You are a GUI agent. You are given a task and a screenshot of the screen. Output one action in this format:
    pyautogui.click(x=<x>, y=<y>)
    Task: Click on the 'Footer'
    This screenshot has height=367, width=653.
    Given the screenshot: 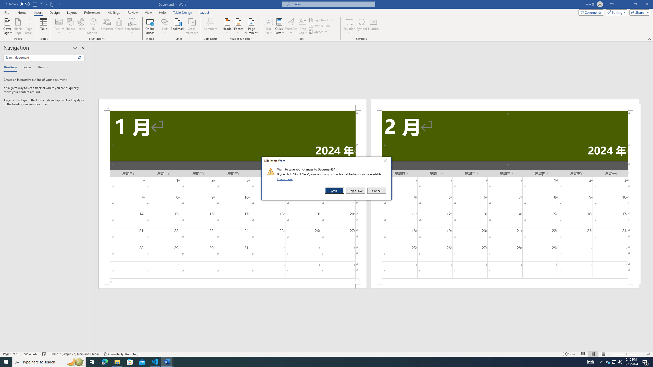 What is the action you would take?
    pyautogui.click(x=238, y=26)
    